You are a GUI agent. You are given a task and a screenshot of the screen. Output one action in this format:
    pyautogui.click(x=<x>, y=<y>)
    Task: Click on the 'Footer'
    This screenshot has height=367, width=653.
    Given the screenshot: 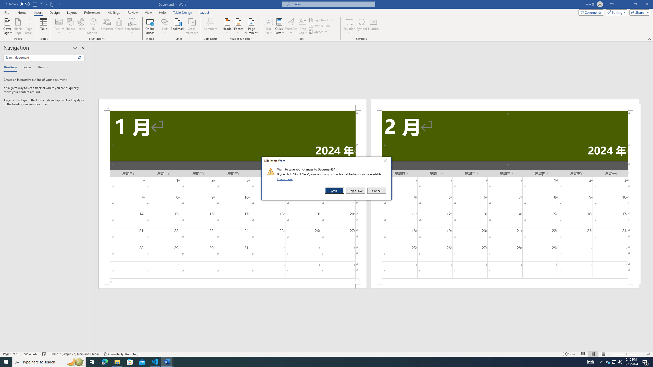 What is the action you would take?
    pyautogui.click(x=238, y=26)
    